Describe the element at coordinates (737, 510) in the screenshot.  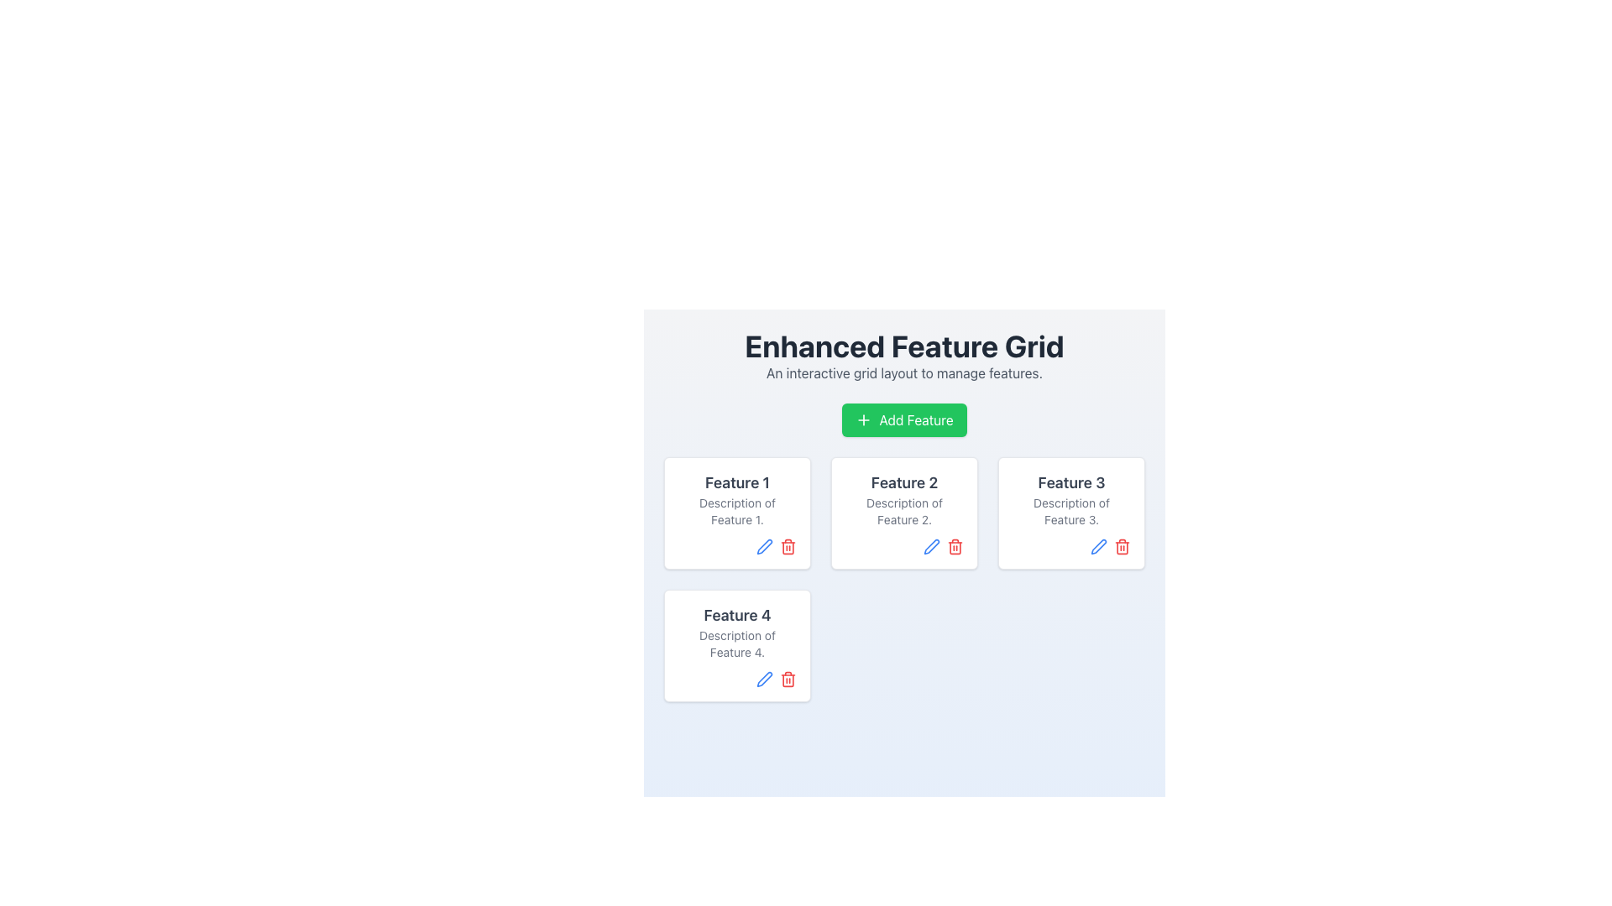
I see `static text block located underneath the 'Feature 1' title within the first feature card` at that location.